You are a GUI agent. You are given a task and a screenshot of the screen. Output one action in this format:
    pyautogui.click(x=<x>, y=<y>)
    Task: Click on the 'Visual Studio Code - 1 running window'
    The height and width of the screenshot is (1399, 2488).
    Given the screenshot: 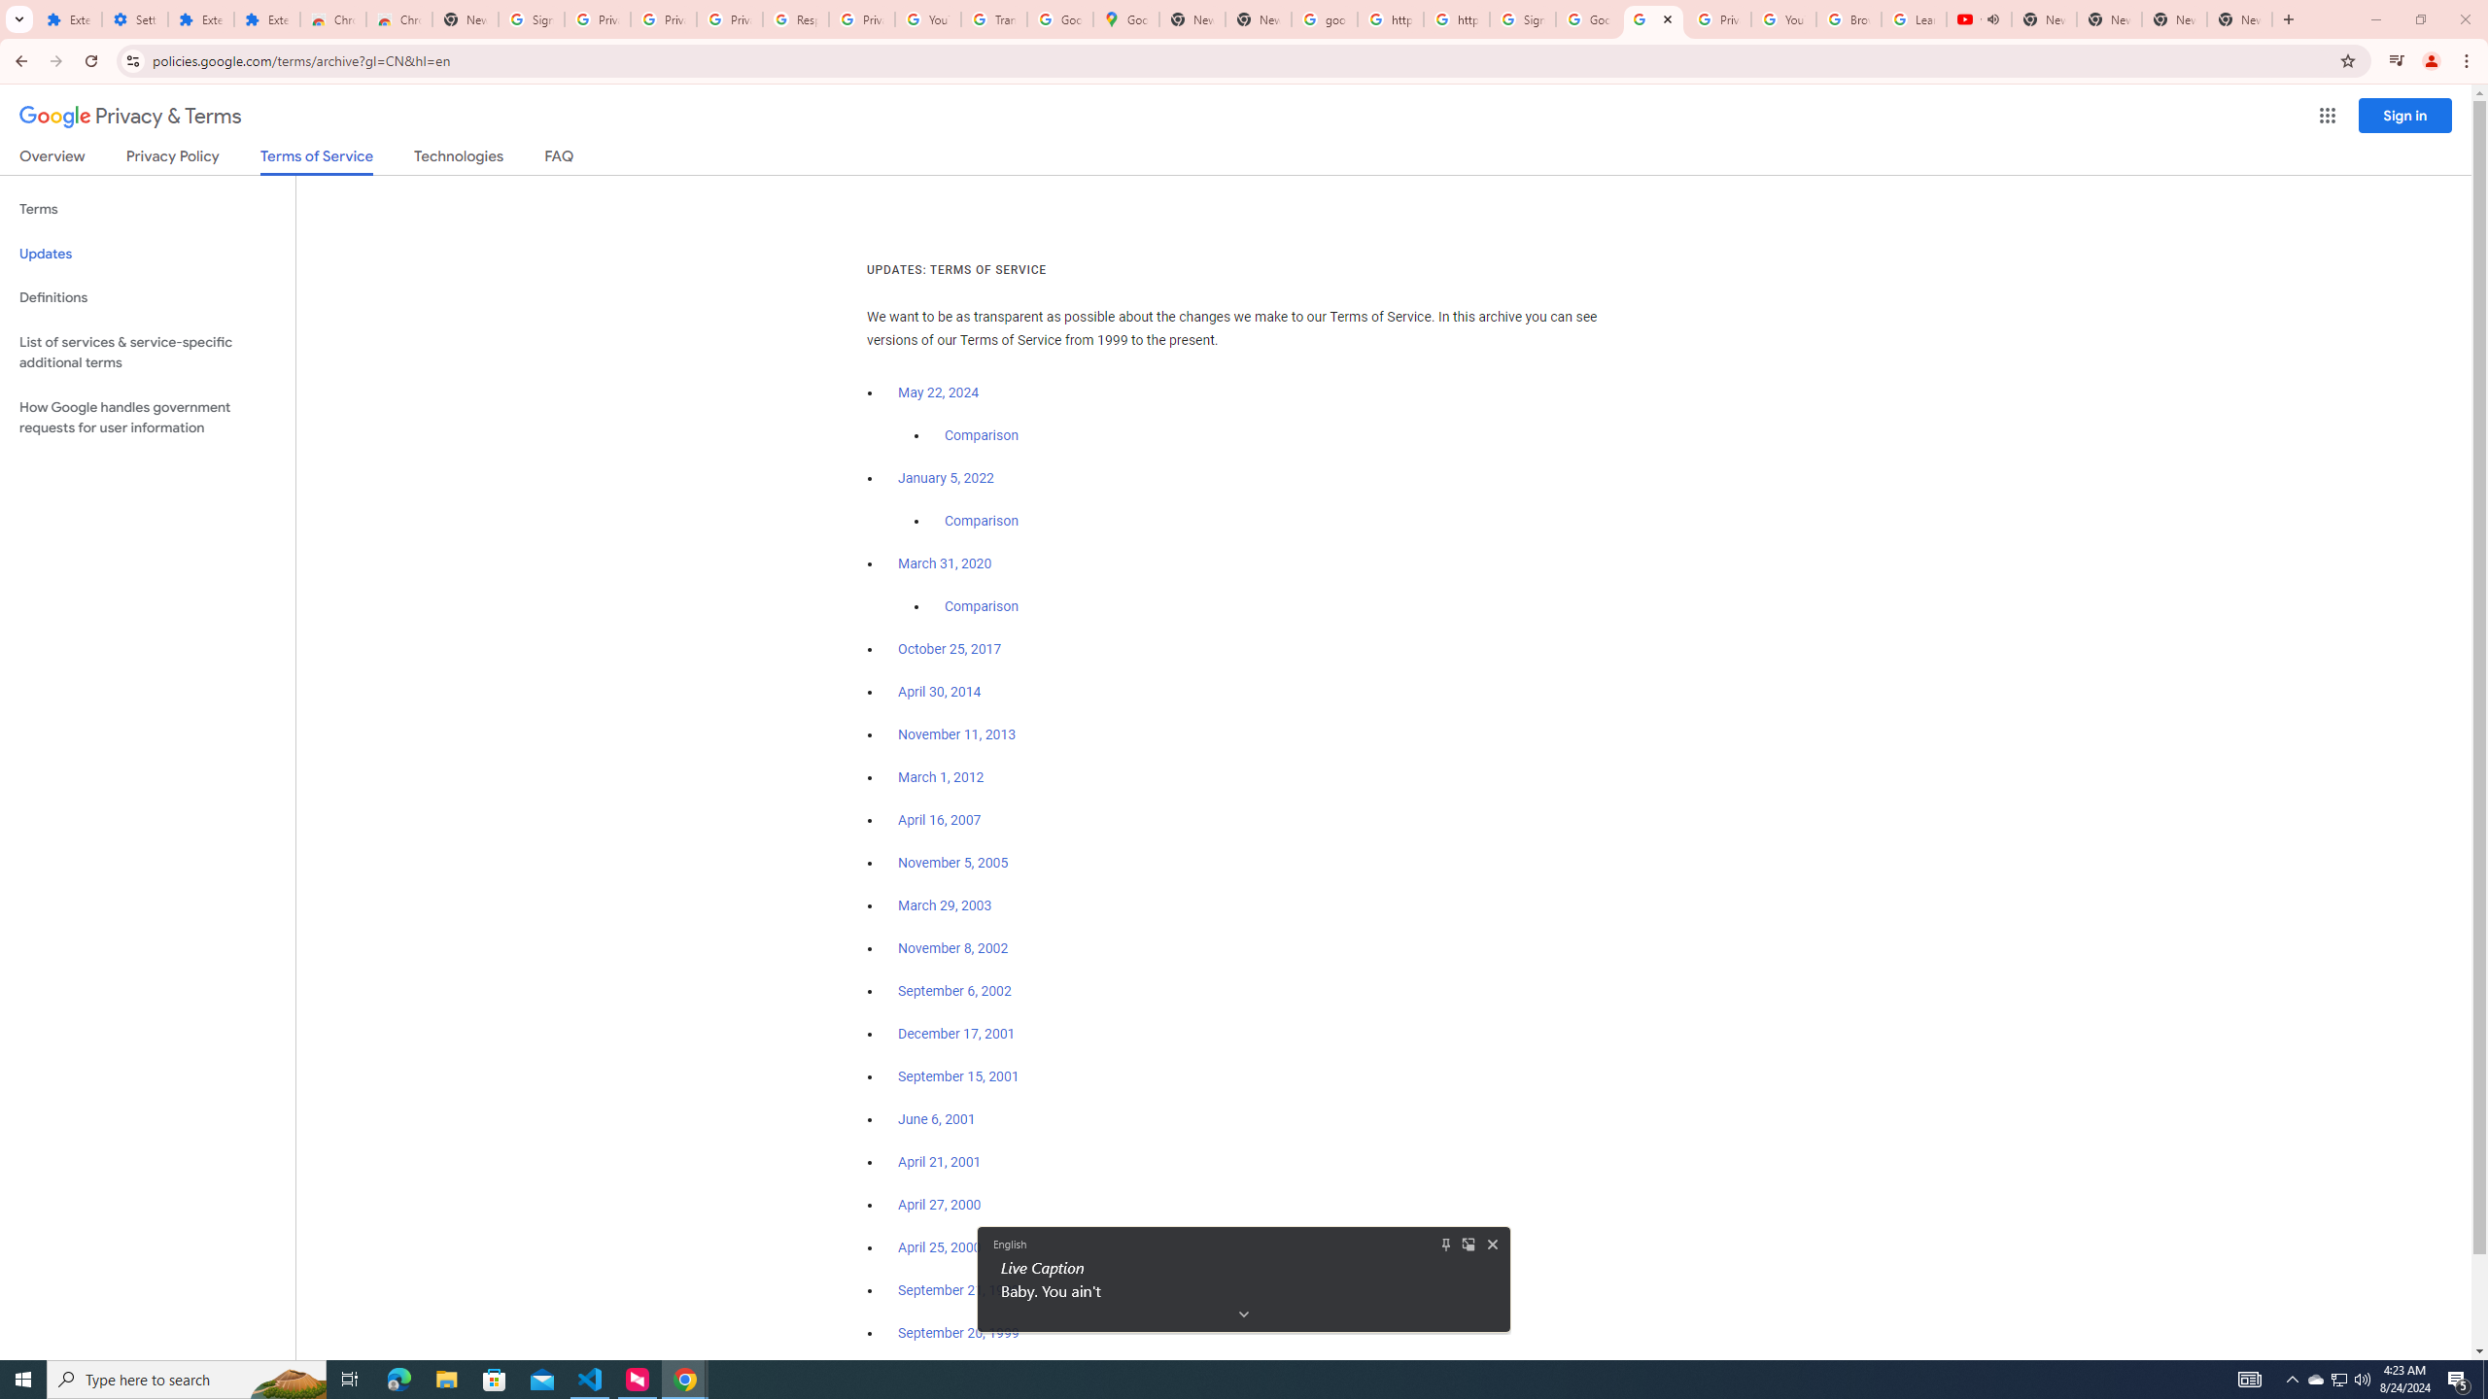 What is the action you would take?
    pyautogui.click(x=590, y=1378)
    